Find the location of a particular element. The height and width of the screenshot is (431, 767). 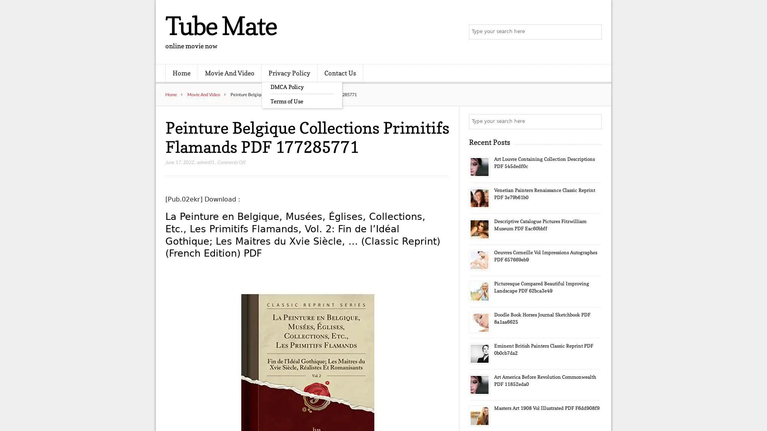

Search is located at coordinates (593, 32).